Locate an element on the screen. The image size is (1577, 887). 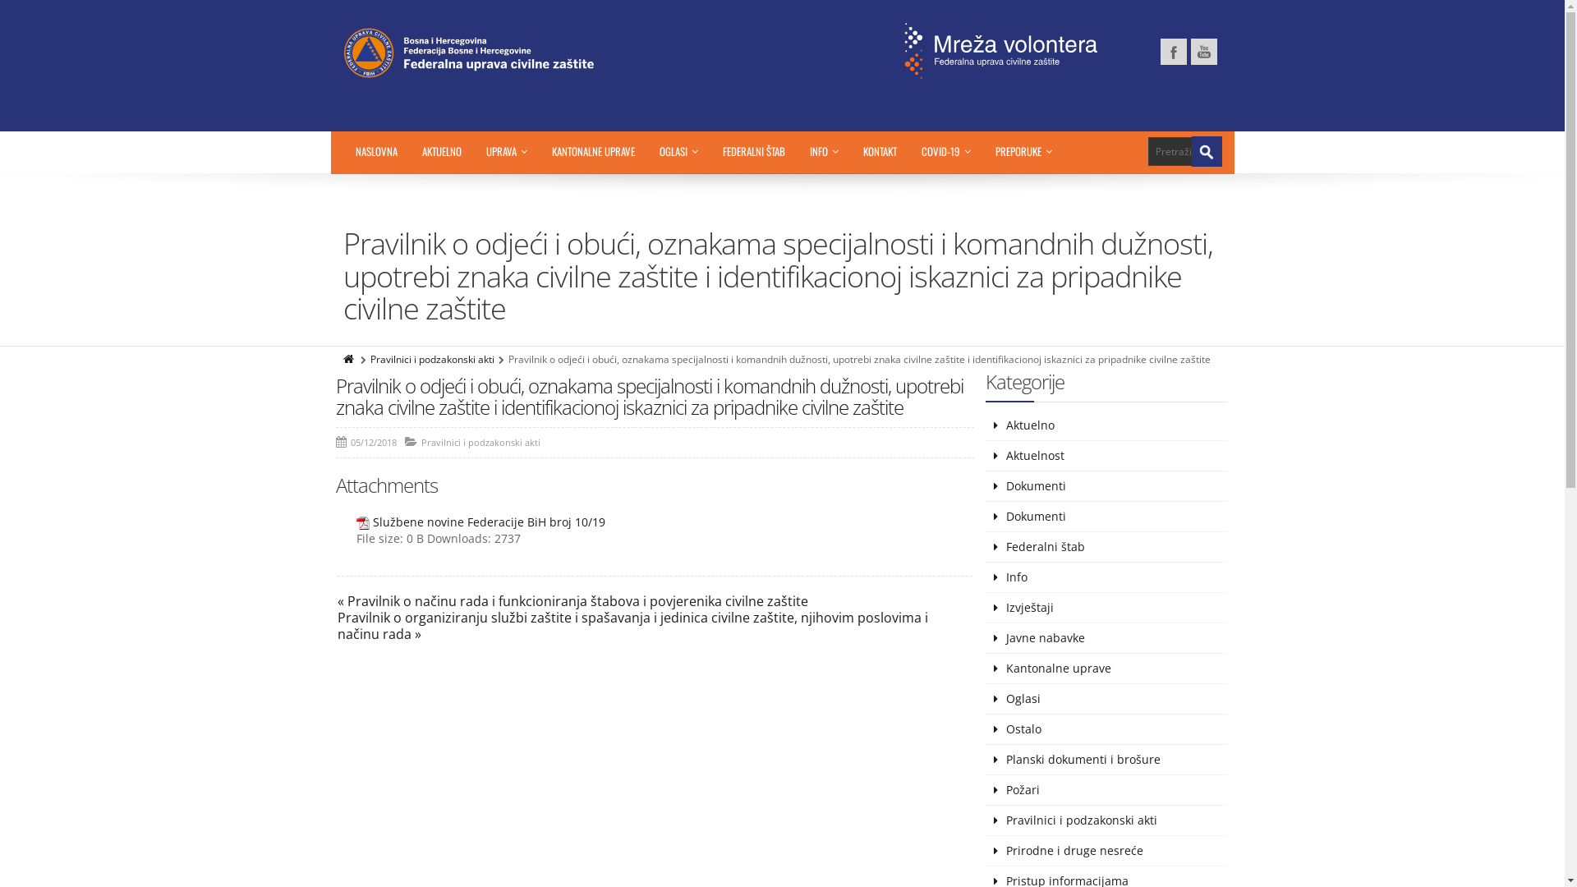
'Dokumenti' is located at coordinates (1106, 485).